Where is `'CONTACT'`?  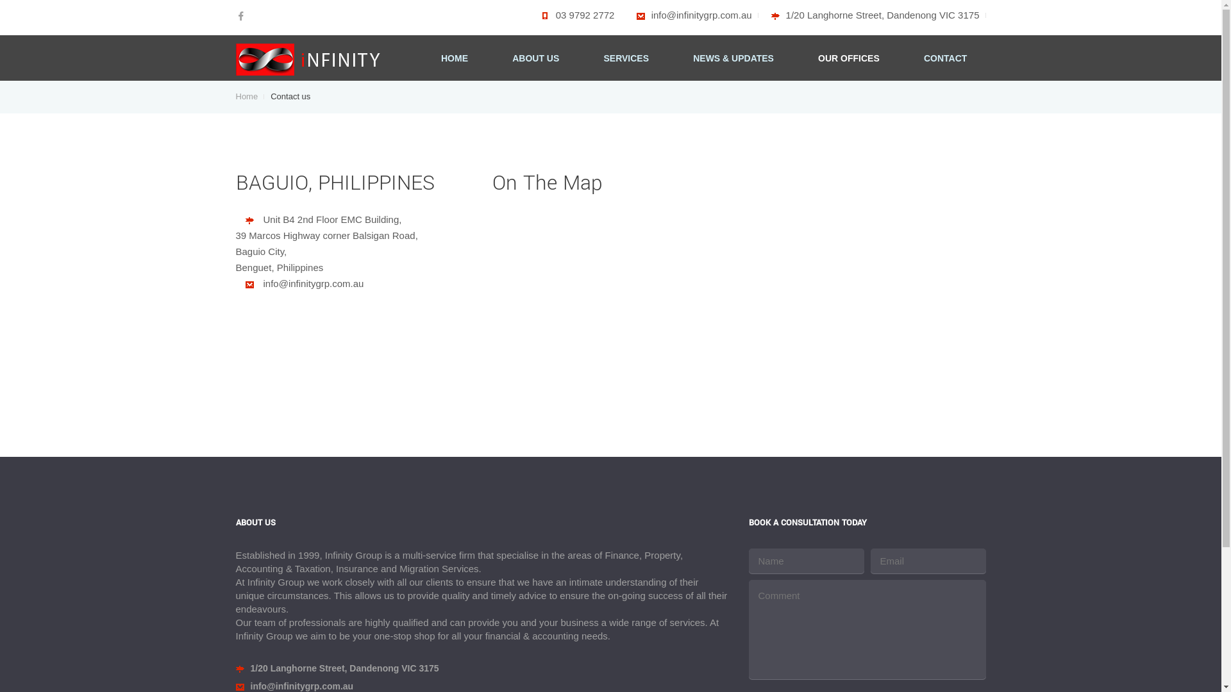
'CONTACT' is located at coordinates (945, 59).